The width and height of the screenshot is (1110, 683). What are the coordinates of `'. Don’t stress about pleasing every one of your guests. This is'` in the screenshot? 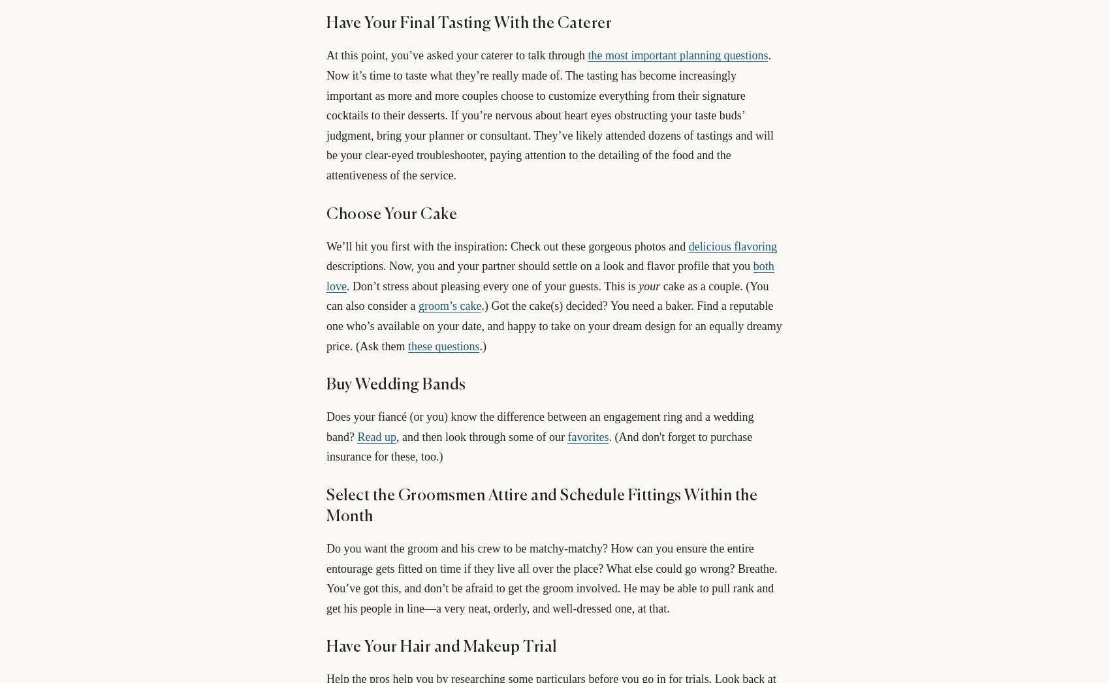 It's located at (492, 285).